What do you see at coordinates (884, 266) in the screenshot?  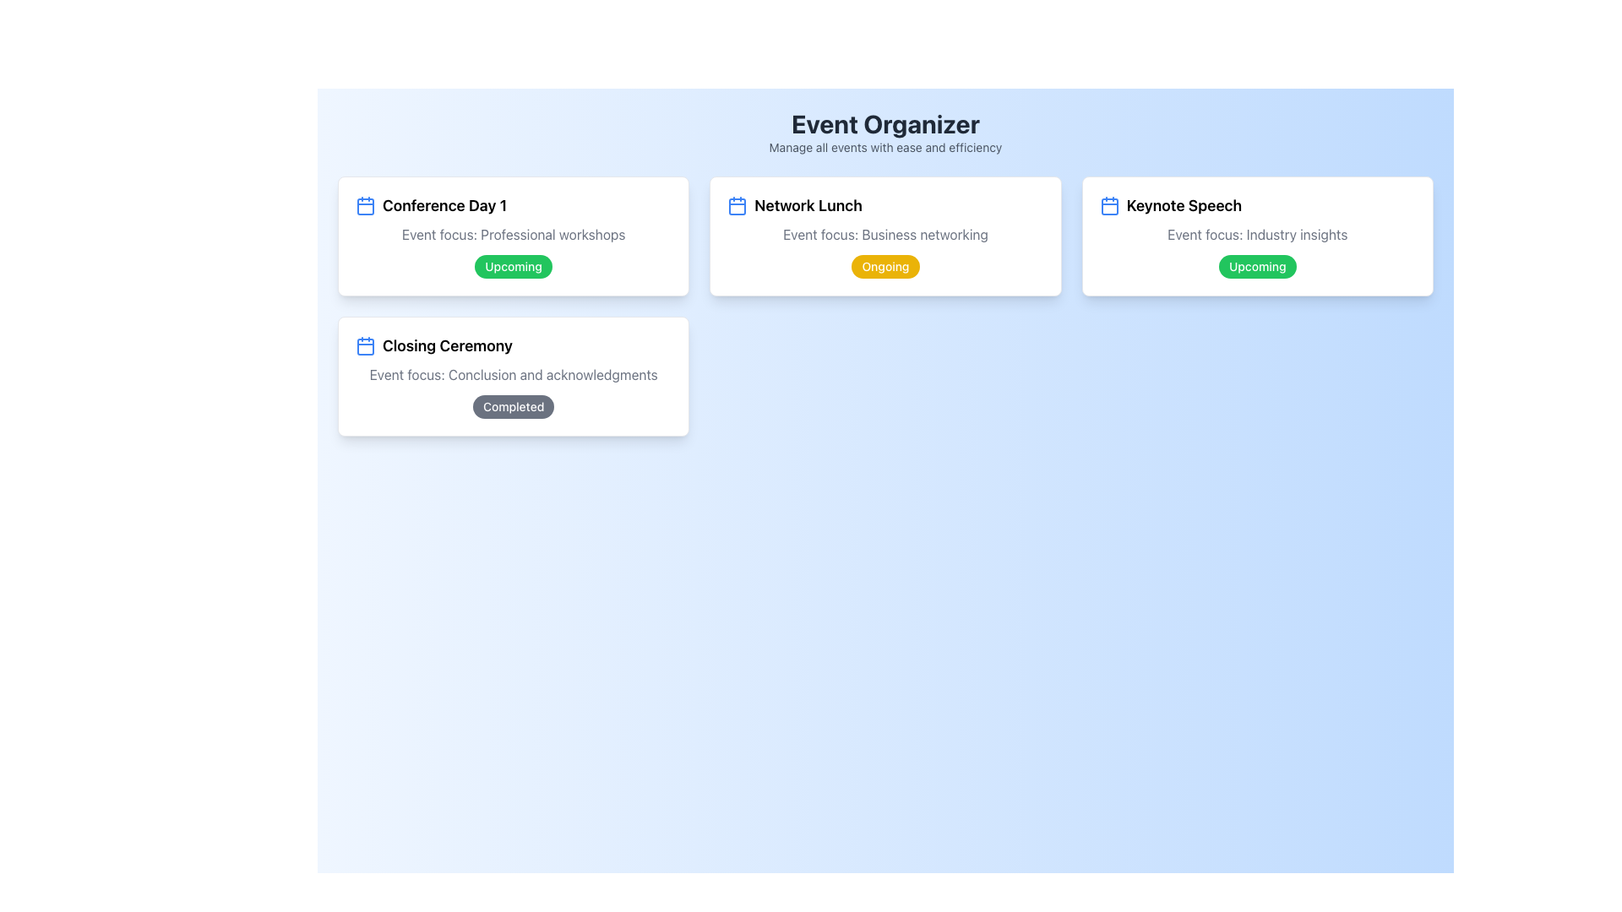 I see `the status indicator label showing 'Ongoing' within the 'Network Lunch' card, located under 'Event focus: Business networking'` at bounding box center [884, 266].